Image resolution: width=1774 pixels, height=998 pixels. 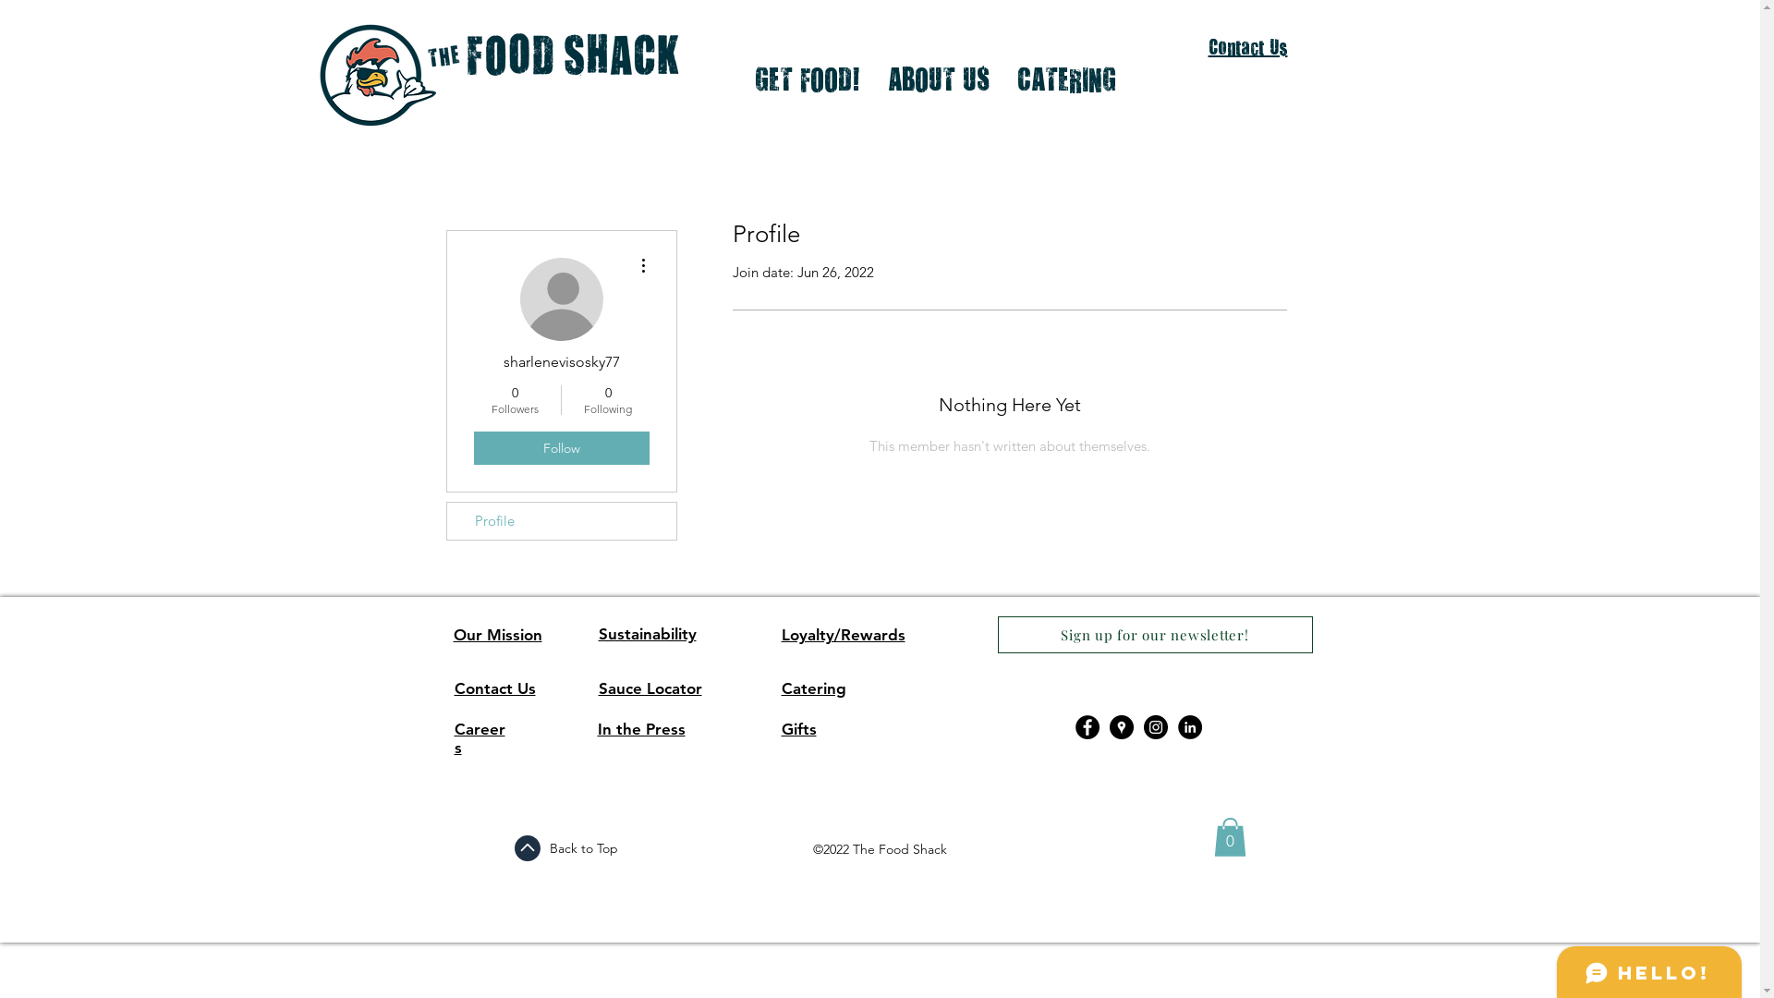 What do you see at coordinates (559, 448) in the screenshot?
I see `'Follow'` at bounding box center [559, 448].